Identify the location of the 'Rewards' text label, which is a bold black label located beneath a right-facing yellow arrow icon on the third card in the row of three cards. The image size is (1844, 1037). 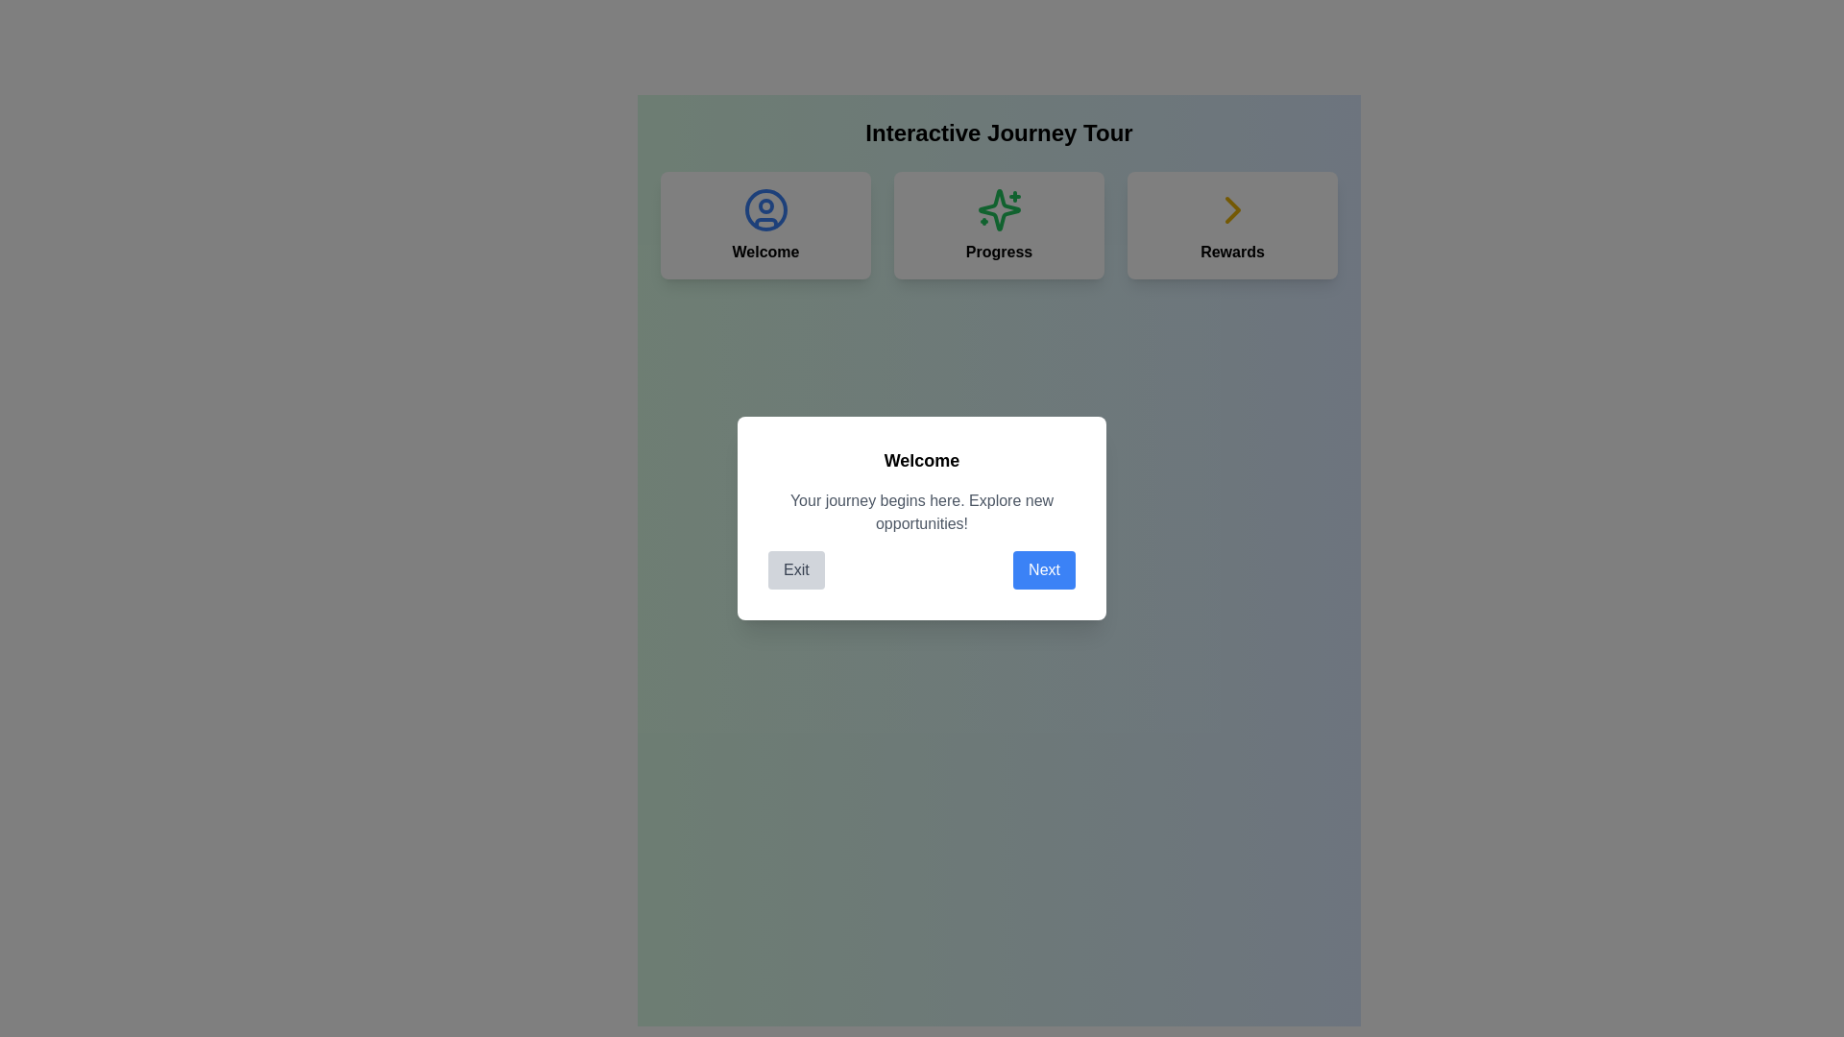
(1232, 251).